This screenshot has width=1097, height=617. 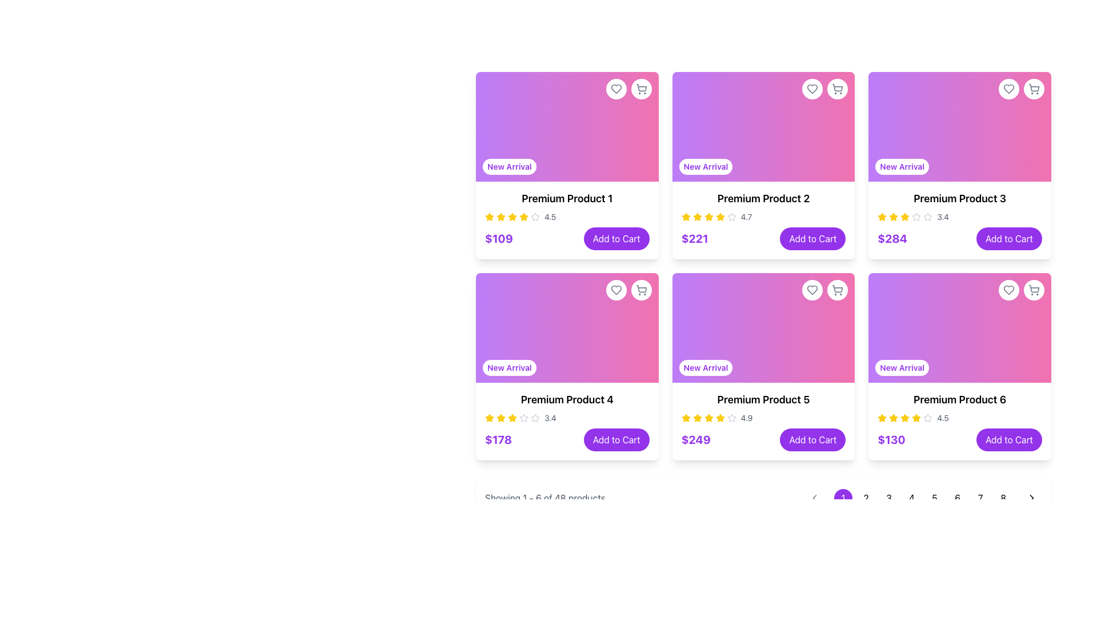 I want to click on the button located in the top-right corner of the 'Premium Product 5' card, so click(x=838, y=290).